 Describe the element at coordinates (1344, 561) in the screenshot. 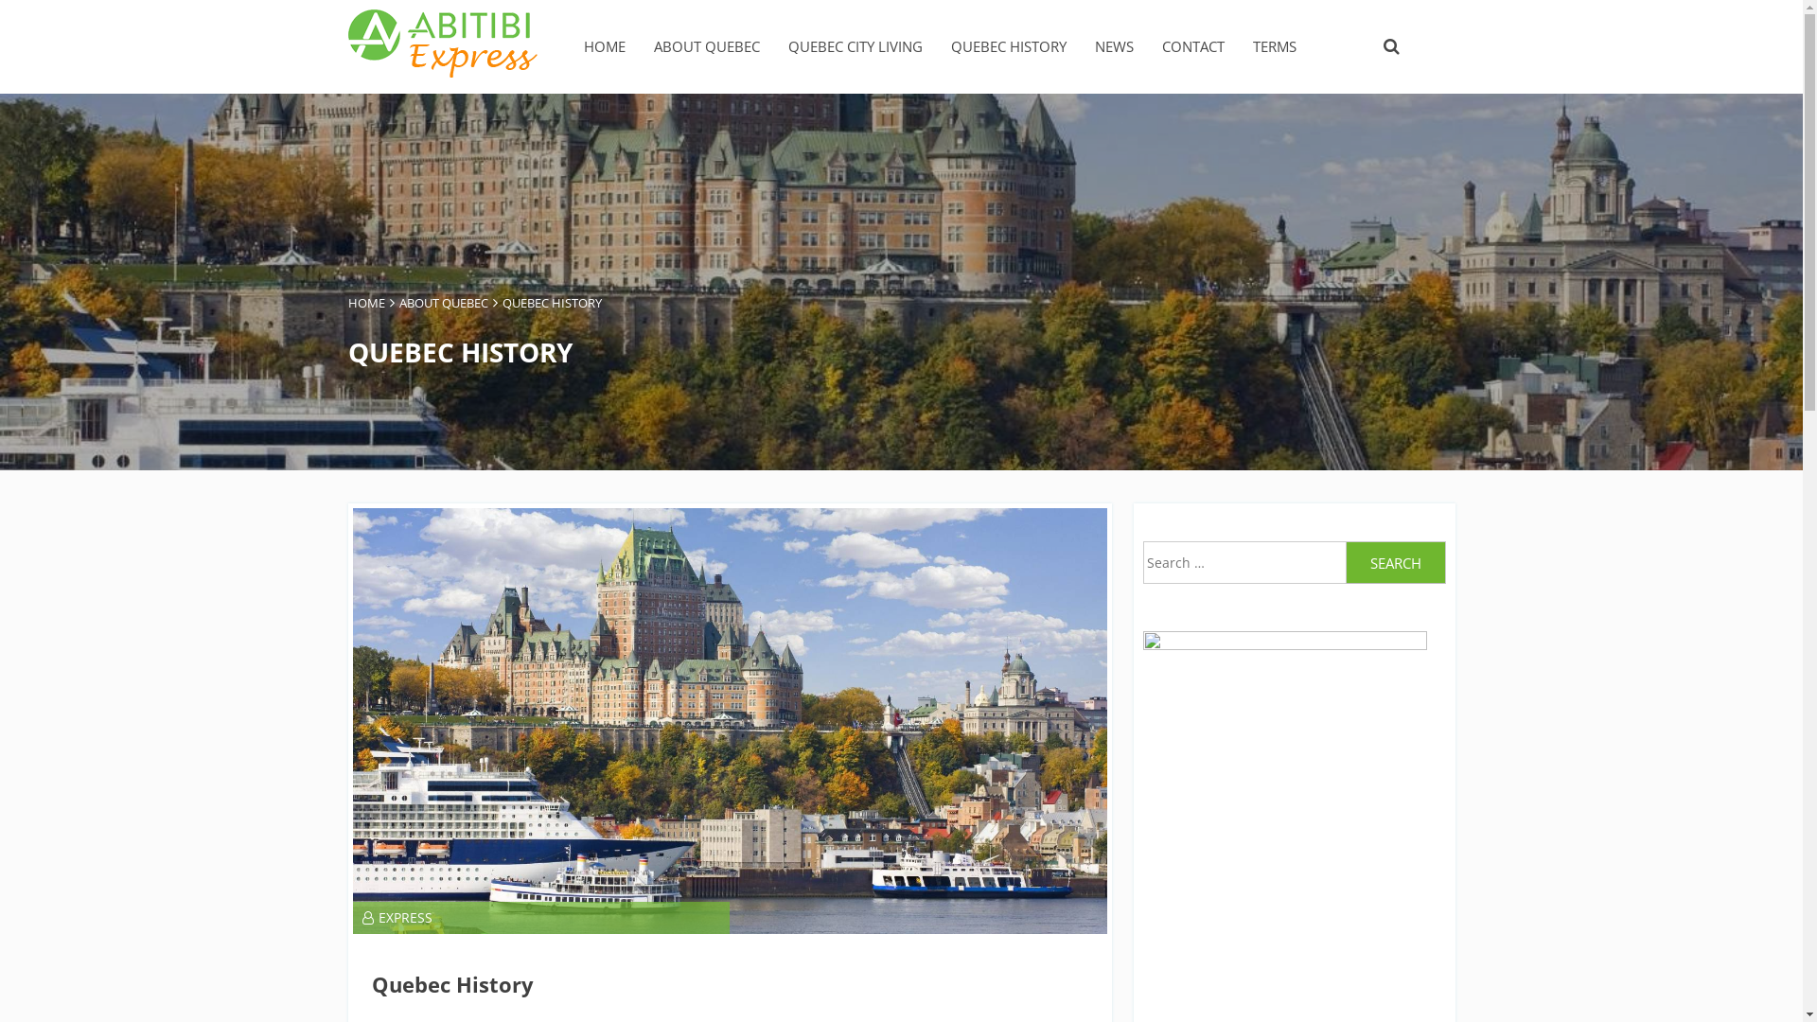

I see `'Search'` at that location.